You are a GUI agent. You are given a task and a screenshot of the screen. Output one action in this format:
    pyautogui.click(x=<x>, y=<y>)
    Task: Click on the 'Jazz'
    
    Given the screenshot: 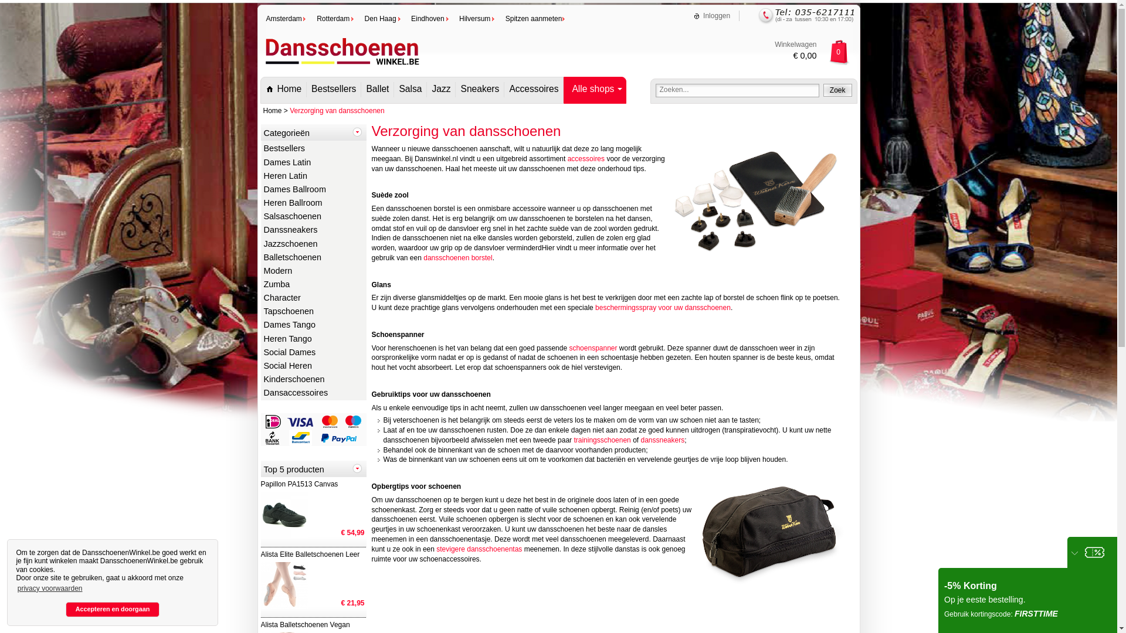 What is the action you would take?
    pyautogui.click(x=440, y=89)
    